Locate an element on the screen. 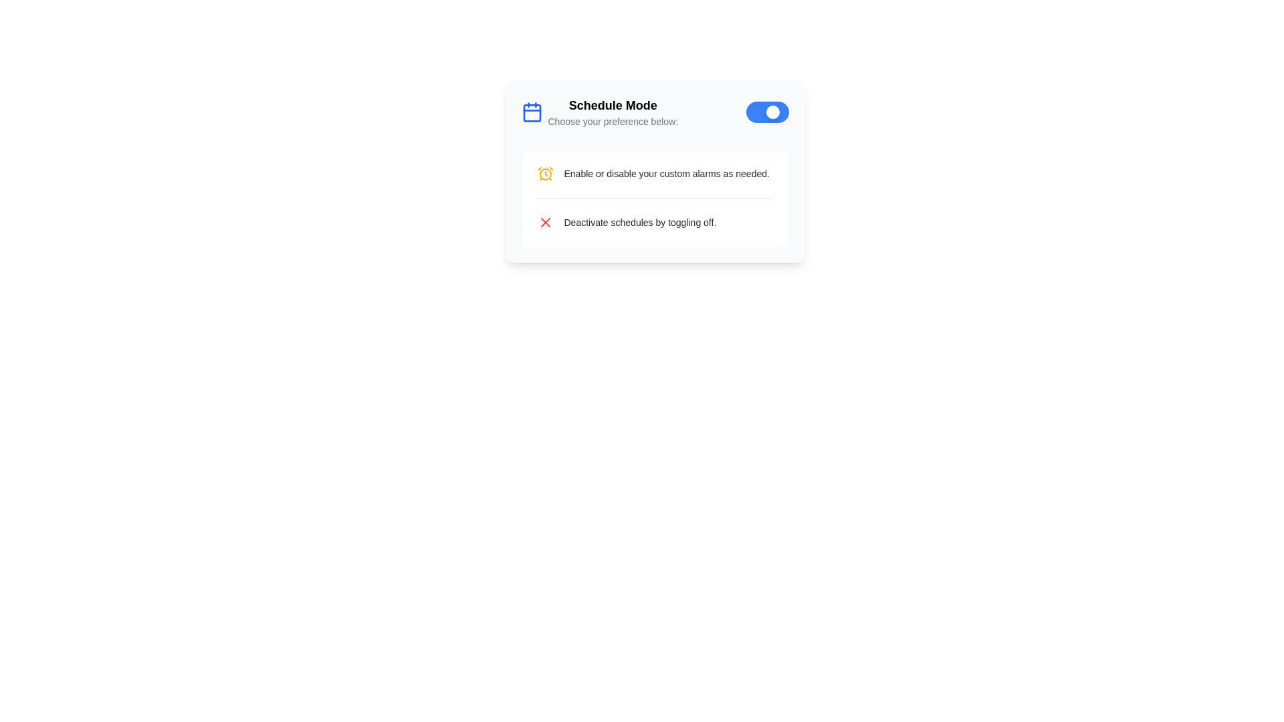  the scheduling icon located in the top-left corner of the 'Schedule Mode' section, which is to the left of the large text 'Schedule Mode' is located at coordinates (531, 112).